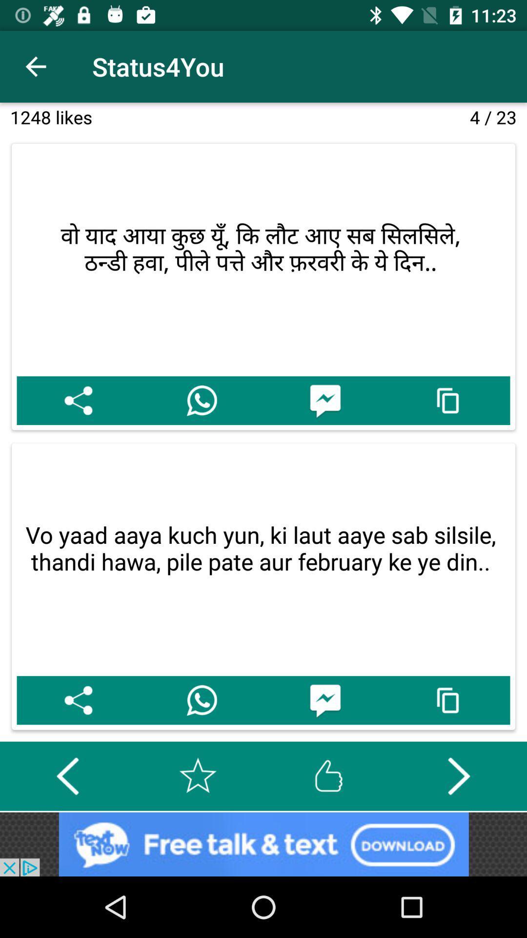 This screenshot has width=527, height=938. I want to click on send as a text message, so click(325, 700).